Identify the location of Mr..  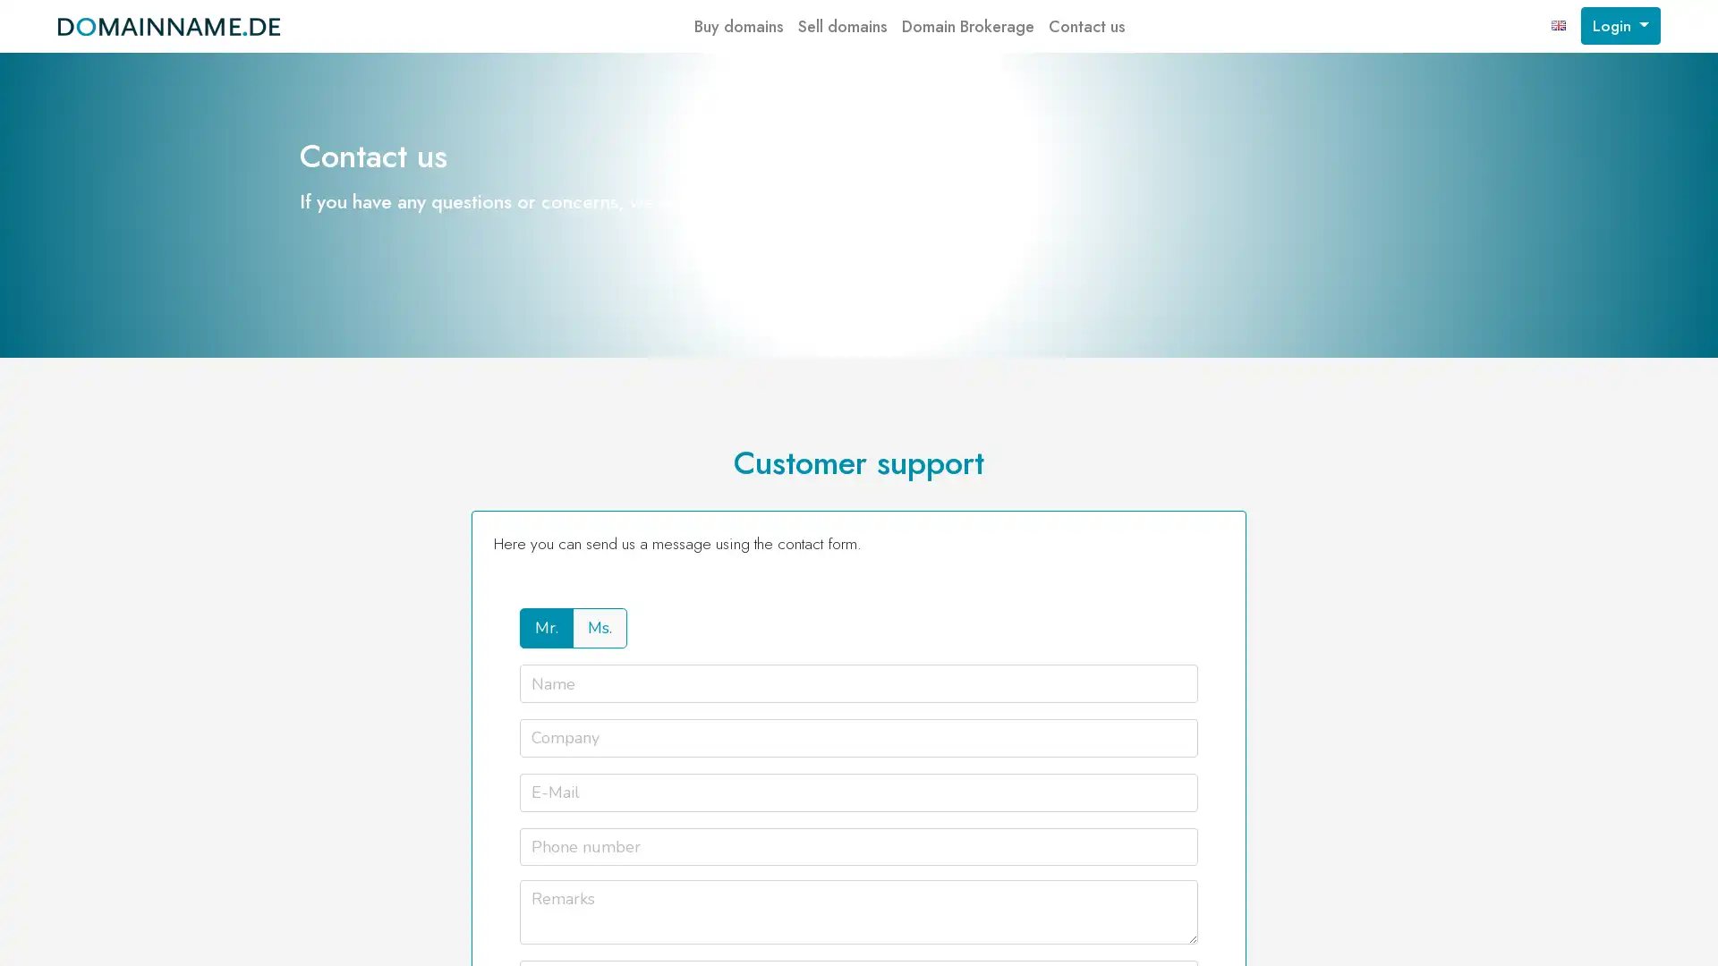
(544, 627).